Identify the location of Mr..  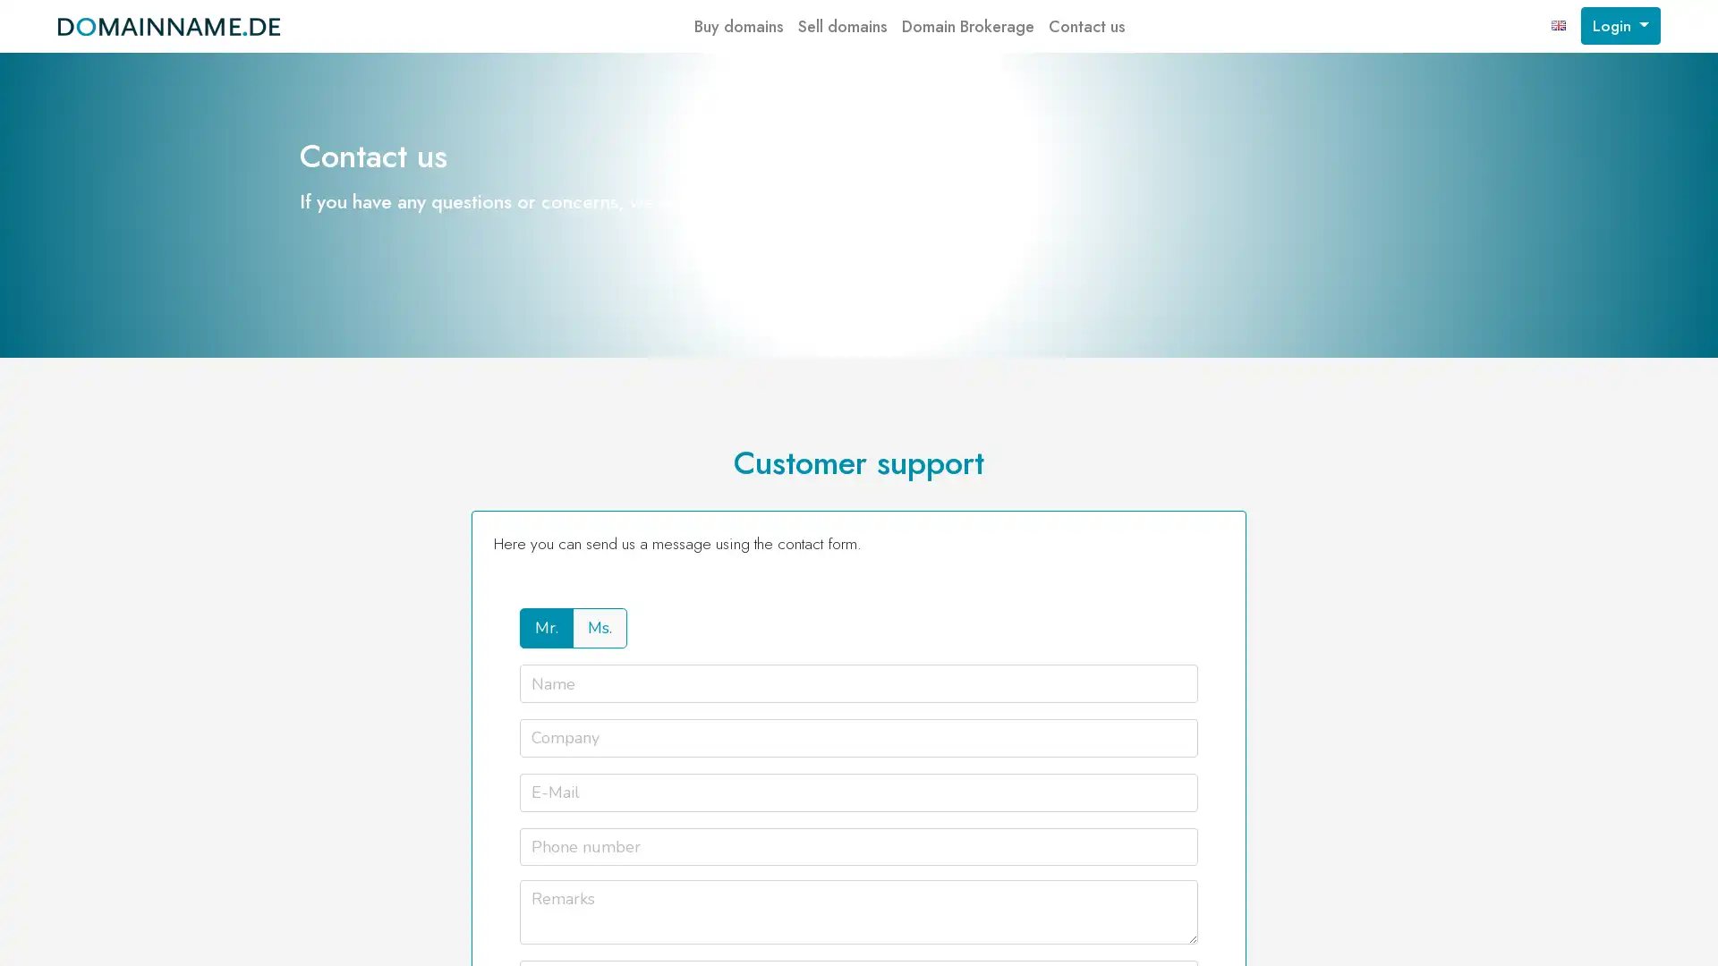
(544, 627).